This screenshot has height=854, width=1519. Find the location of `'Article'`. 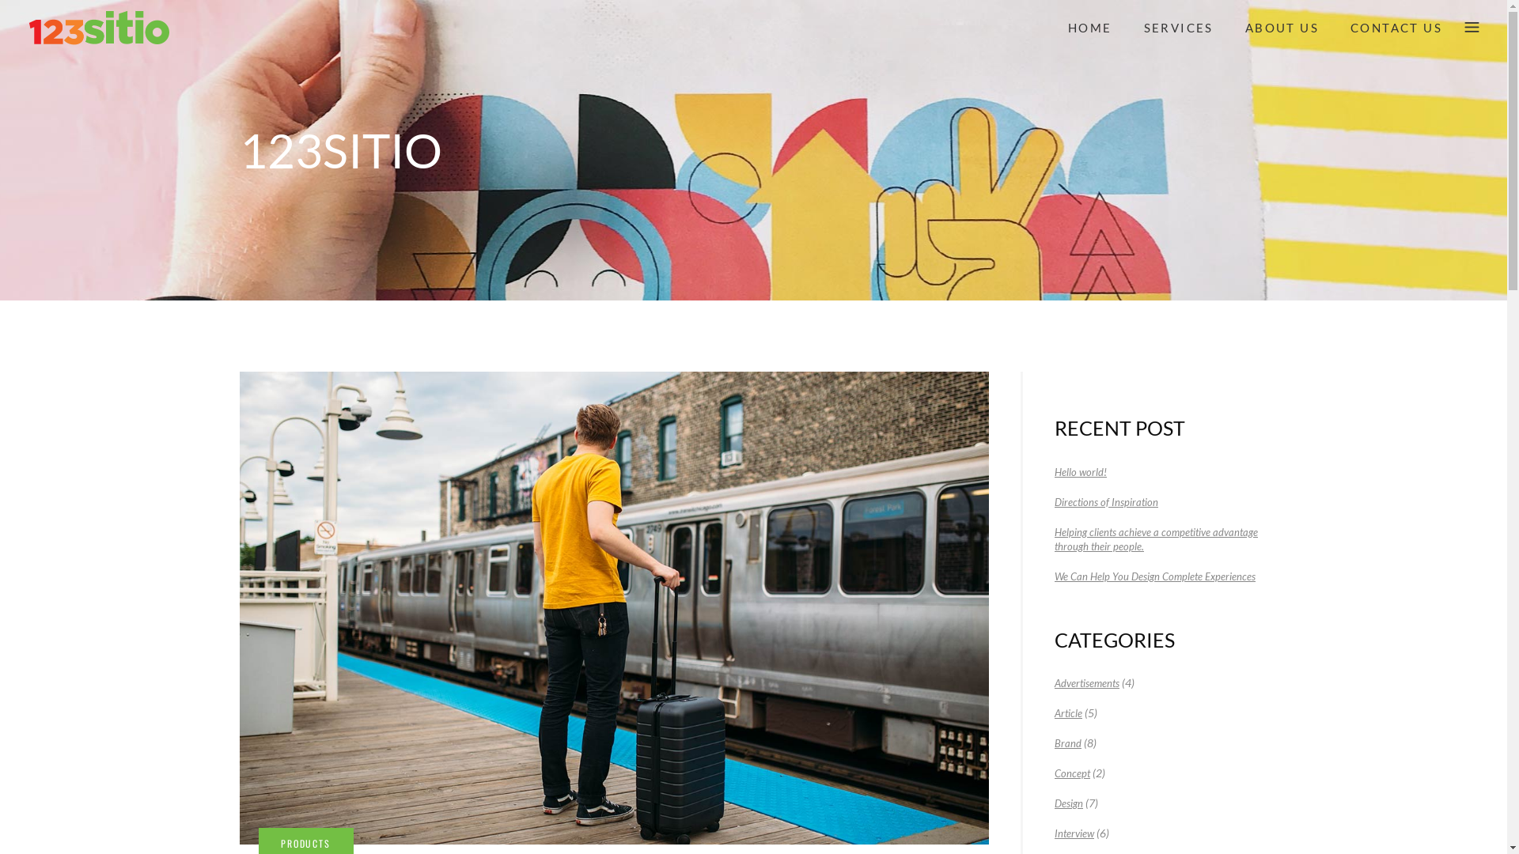

'Article' is located at coordinates (1068, 713).